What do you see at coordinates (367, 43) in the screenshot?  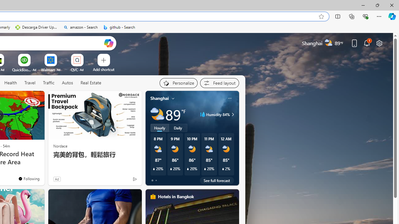 I see `'Notifications'` at bounding box center [367, 43].